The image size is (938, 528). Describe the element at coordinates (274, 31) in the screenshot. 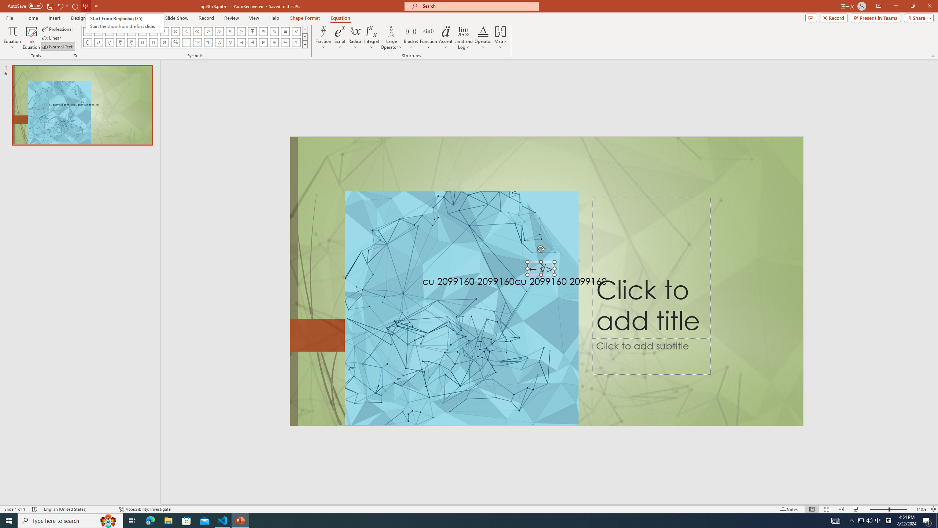

I see `'Equation Symbol Almost Equal To (Asymptotic To)'` at that location.